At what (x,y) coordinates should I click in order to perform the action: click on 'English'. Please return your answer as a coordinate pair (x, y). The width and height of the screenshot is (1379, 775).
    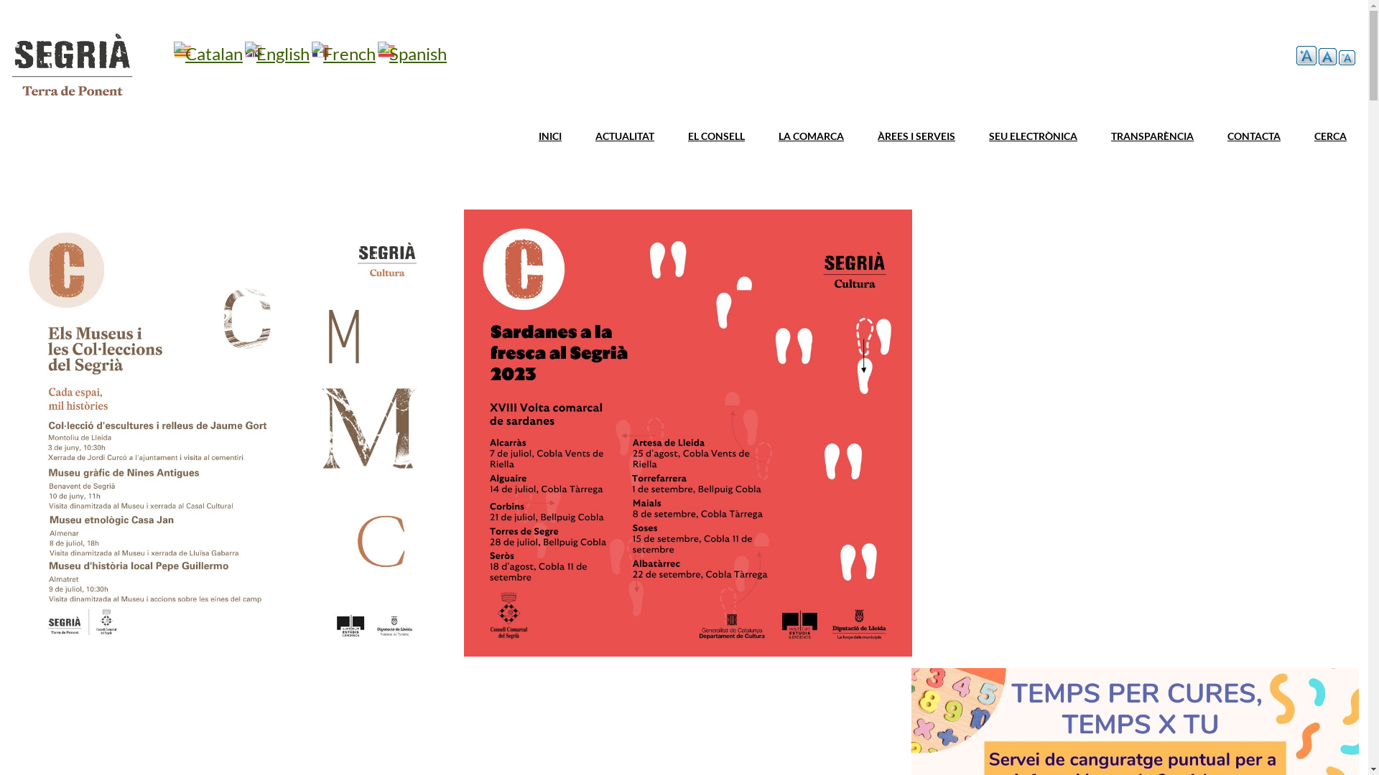
    Looking at the image, I should click on (277, 52).